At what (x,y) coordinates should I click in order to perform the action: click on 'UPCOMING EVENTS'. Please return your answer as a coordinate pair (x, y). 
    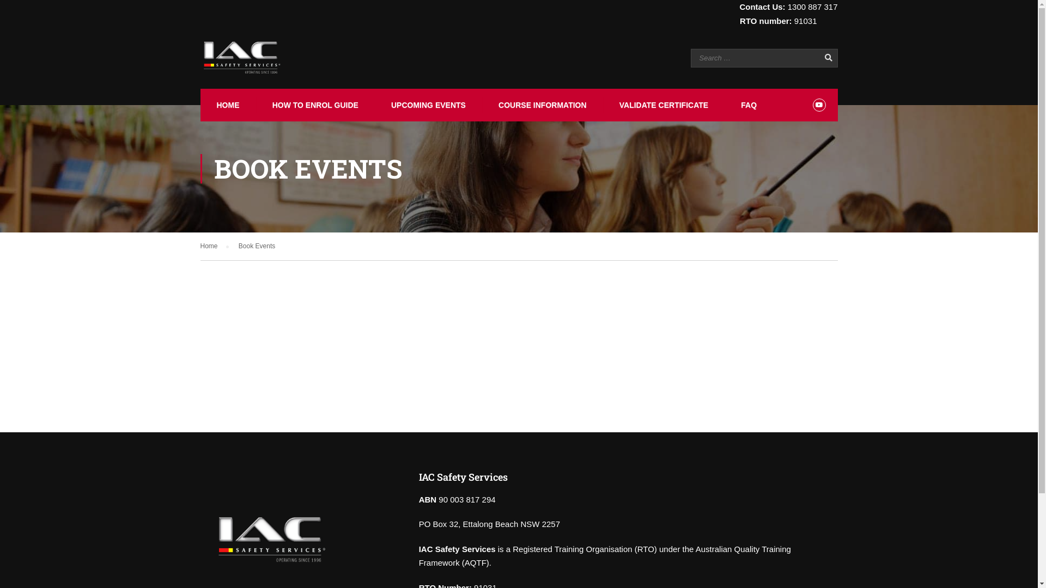
    Looking at the image, I should click on (427, 105).